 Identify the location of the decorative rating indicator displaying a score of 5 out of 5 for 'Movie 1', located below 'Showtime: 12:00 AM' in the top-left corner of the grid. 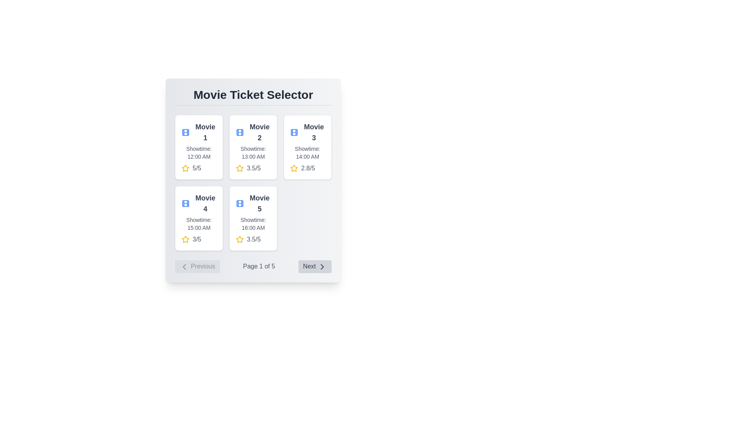
(199, 168).